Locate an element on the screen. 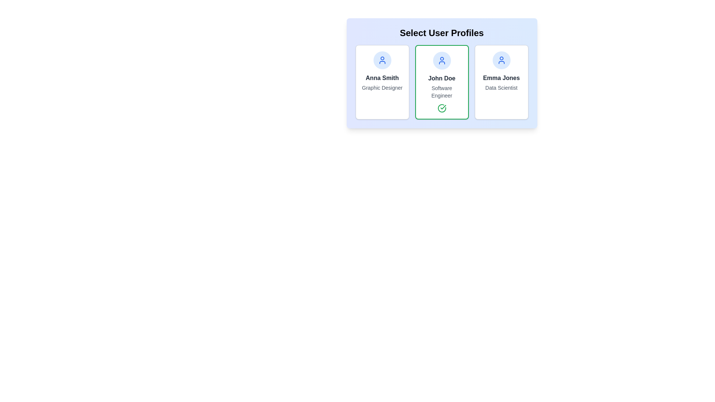 Image resolution: width=715 pixels, height=402 pixels. the user profile Anna Smith is located at coordinates (382, 82).